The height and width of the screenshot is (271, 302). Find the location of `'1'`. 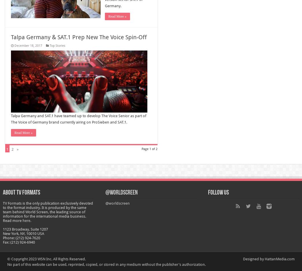

'1' is located at coordinates (7, 149).